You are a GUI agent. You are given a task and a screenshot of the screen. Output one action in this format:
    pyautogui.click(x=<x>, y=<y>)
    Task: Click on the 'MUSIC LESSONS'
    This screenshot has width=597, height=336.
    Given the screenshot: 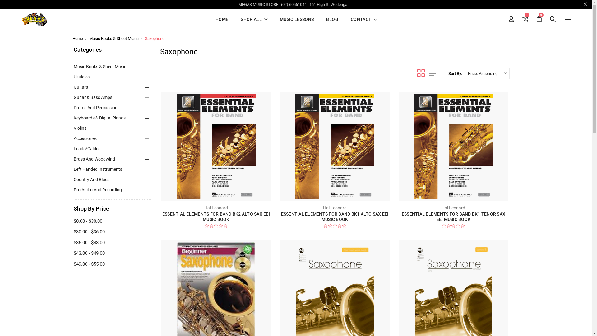 What is the action you would take?
    pyautogui.click(x=297, y=23)
    